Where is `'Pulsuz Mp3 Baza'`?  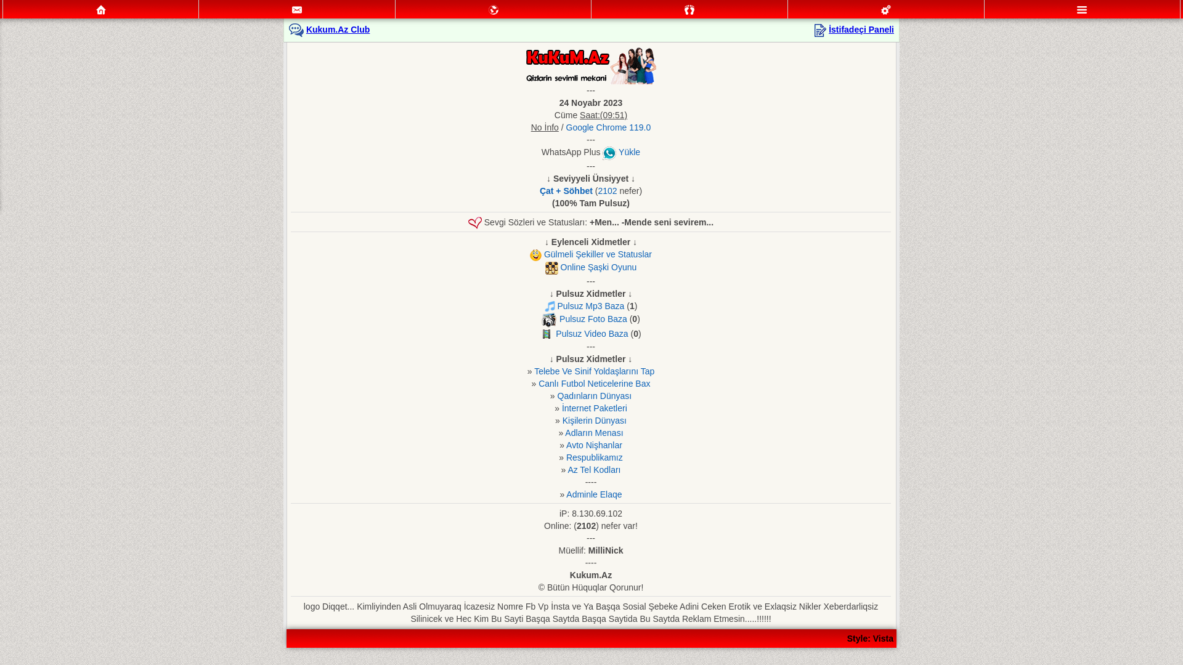
'Pulsuz Mp3 Baza' is located at coordinates (590, 305).